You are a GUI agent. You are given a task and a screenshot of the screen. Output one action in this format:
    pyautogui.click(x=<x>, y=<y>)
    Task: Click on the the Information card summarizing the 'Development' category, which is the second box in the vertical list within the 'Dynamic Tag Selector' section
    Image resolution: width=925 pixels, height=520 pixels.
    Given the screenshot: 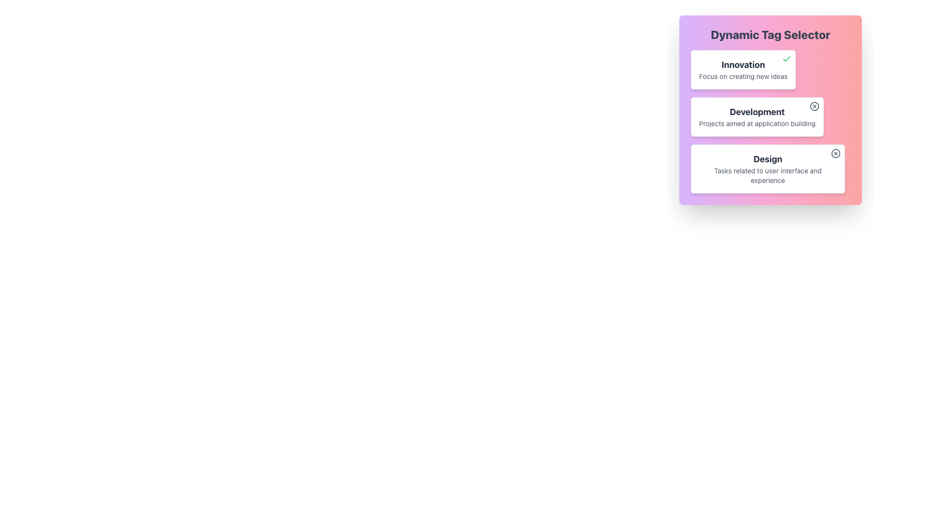 What is the action you would take?
    pyautogui.click(x=770, y=121)
    